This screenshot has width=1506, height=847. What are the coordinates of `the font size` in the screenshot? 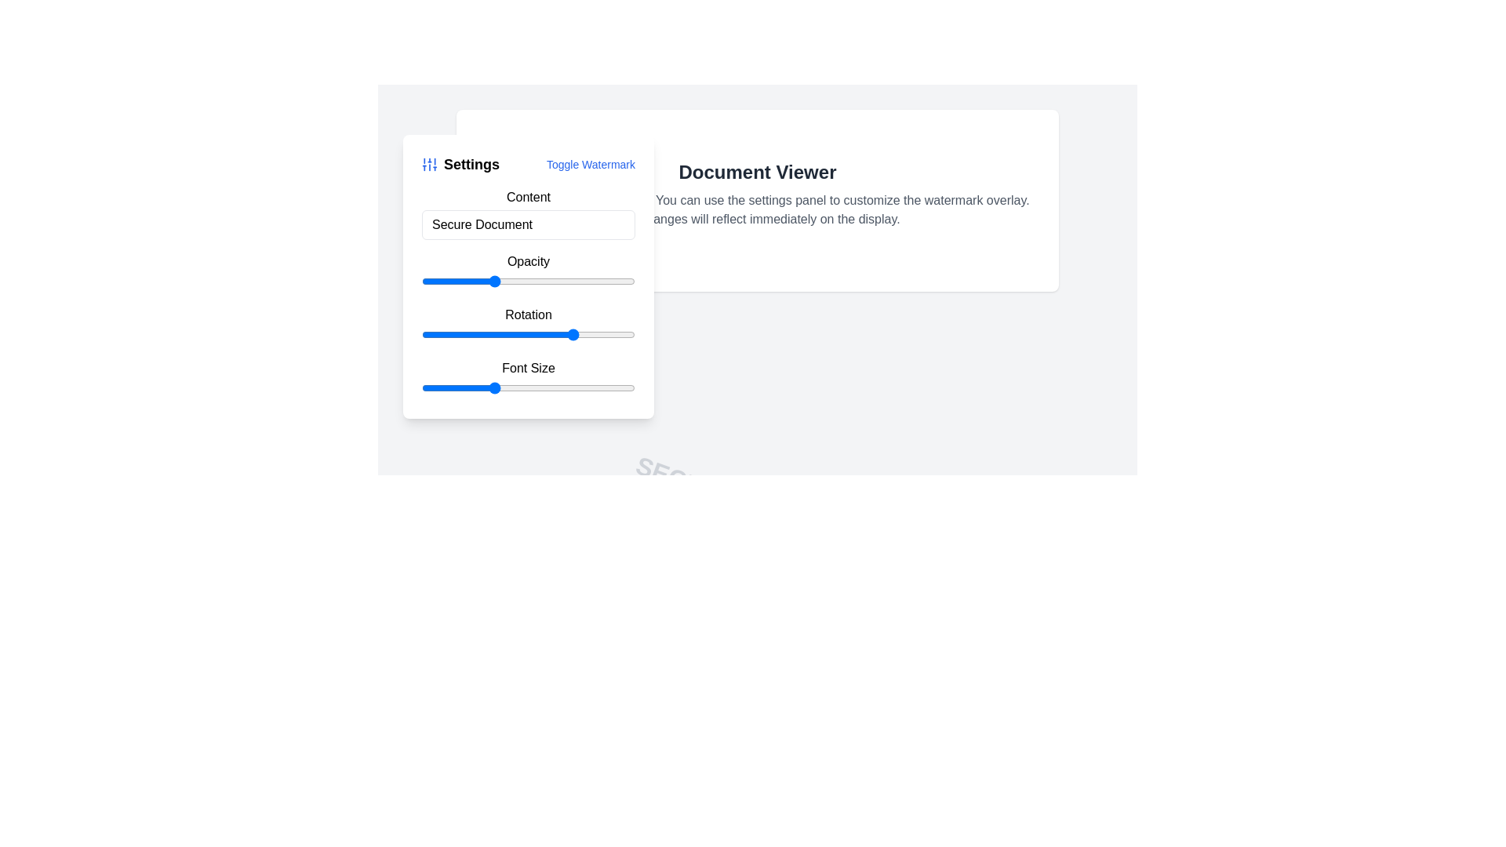 It's located at (506, 387).